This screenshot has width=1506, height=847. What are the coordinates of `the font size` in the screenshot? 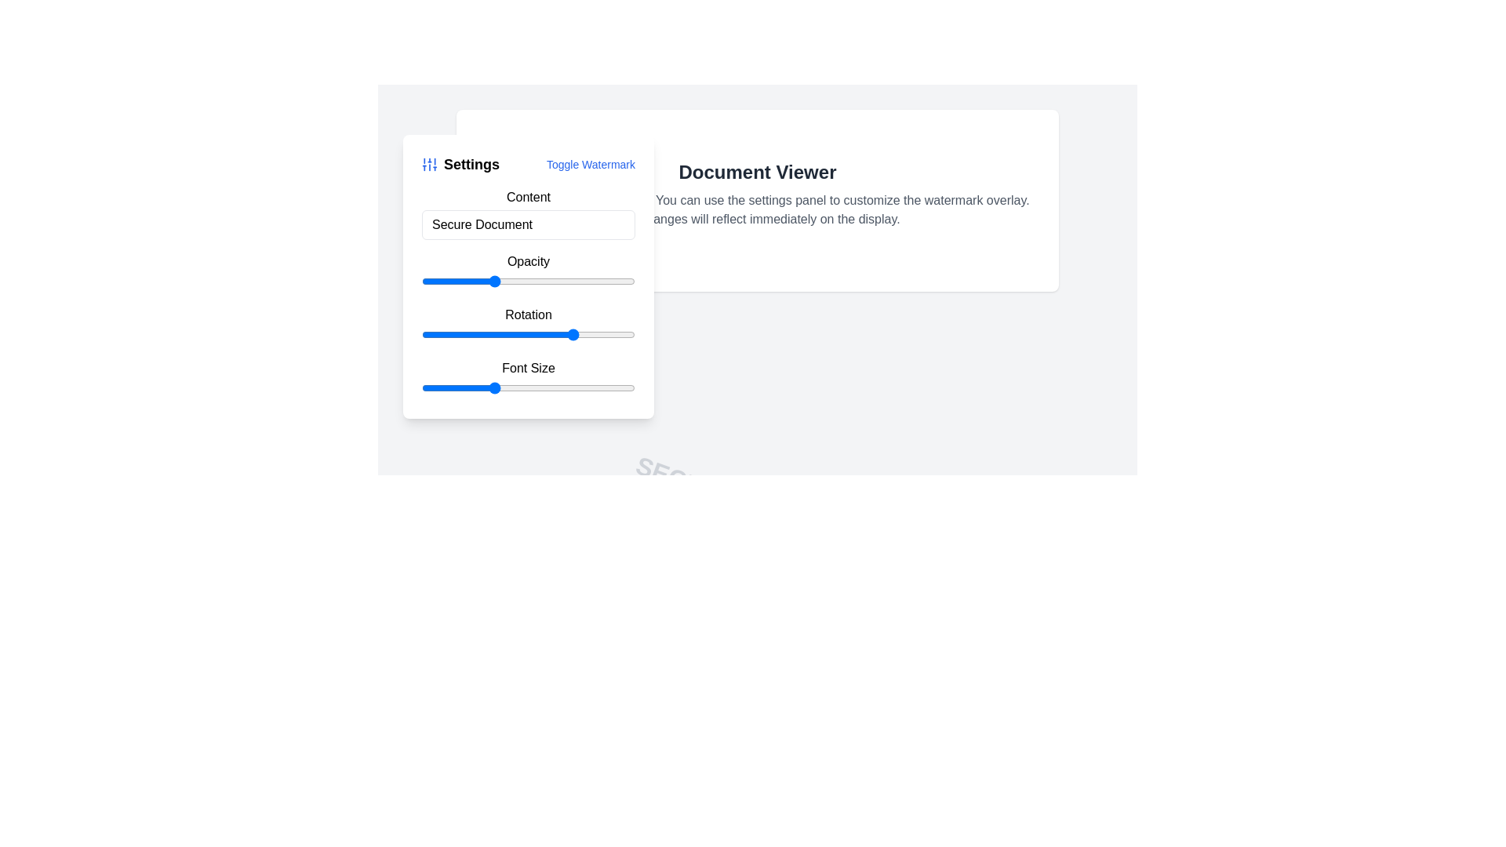 It's located at (506, 387).